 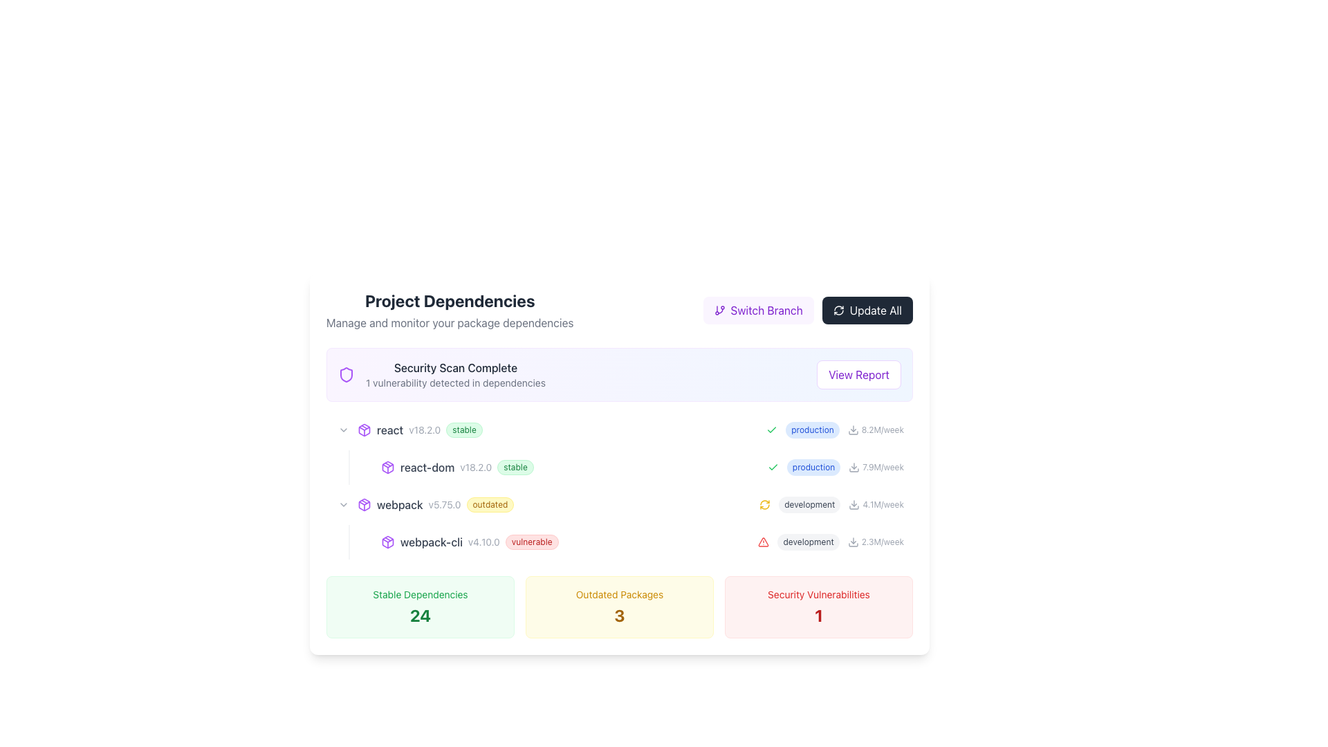 I want to click on the Text Label that provides information regarding detected issues in the dependencies of the security scan, located beneath the 'Security Scan Complete' header, so click(x=455, y=383).